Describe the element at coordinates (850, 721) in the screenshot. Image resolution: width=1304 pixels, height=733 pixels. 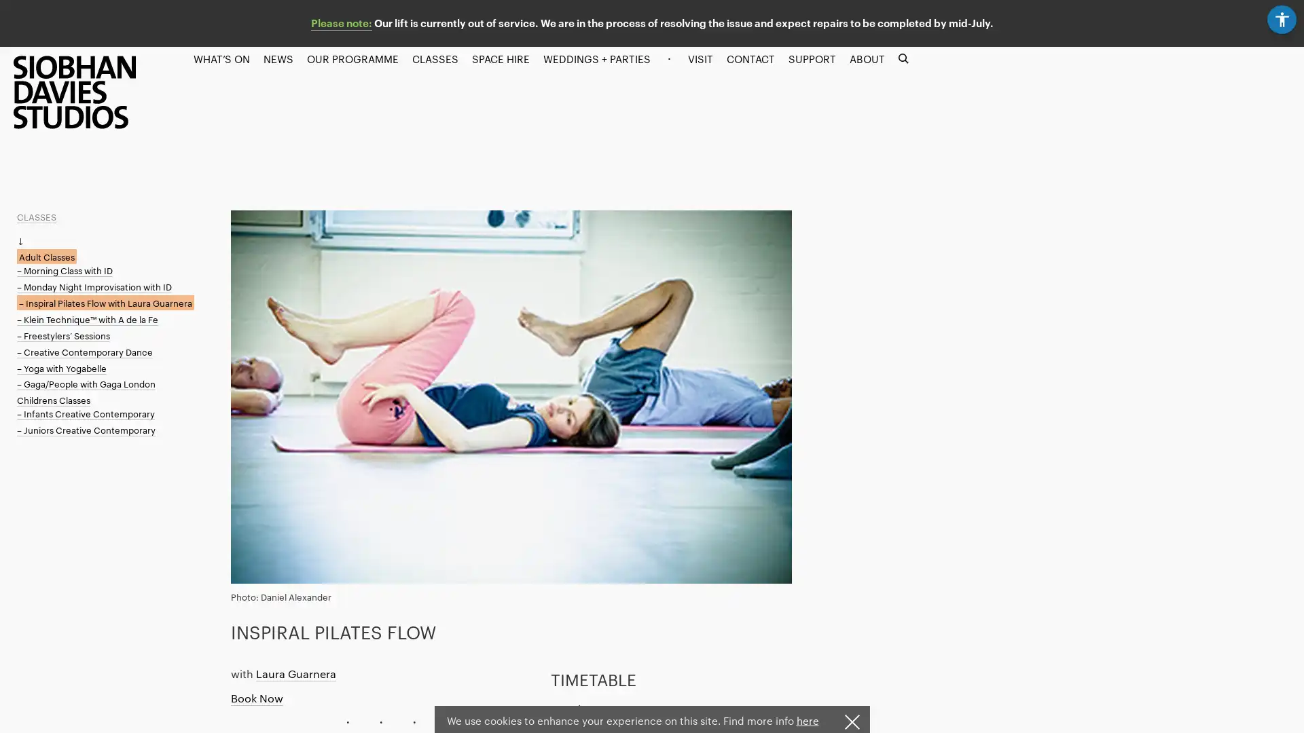
I see `I understand` at that location.